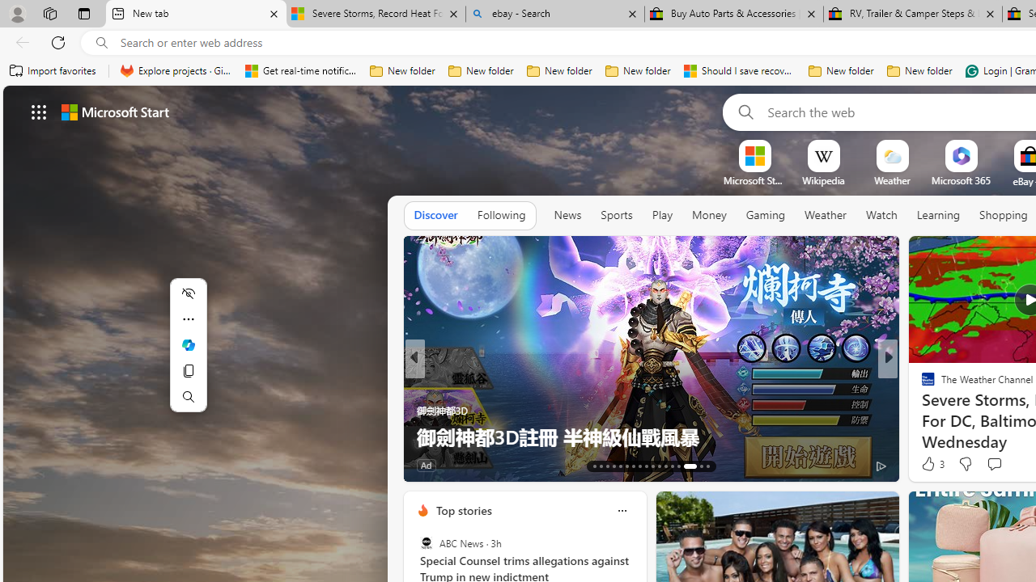 This screenshot has height=582, width=1036. What do you see at coordinates (621, 510) in the screenshot?
I see `'More options'` at bounding box center [621, 510].